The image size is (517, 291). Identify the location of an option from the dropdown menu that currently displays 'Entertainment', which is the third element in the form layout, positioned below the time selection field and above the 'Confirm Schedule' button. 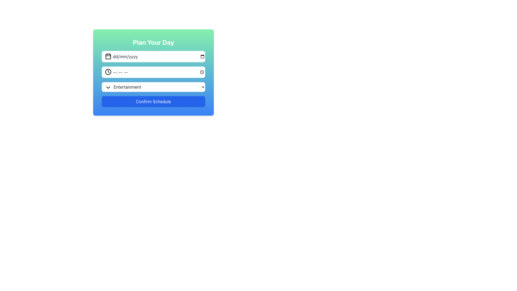
(153, 87).